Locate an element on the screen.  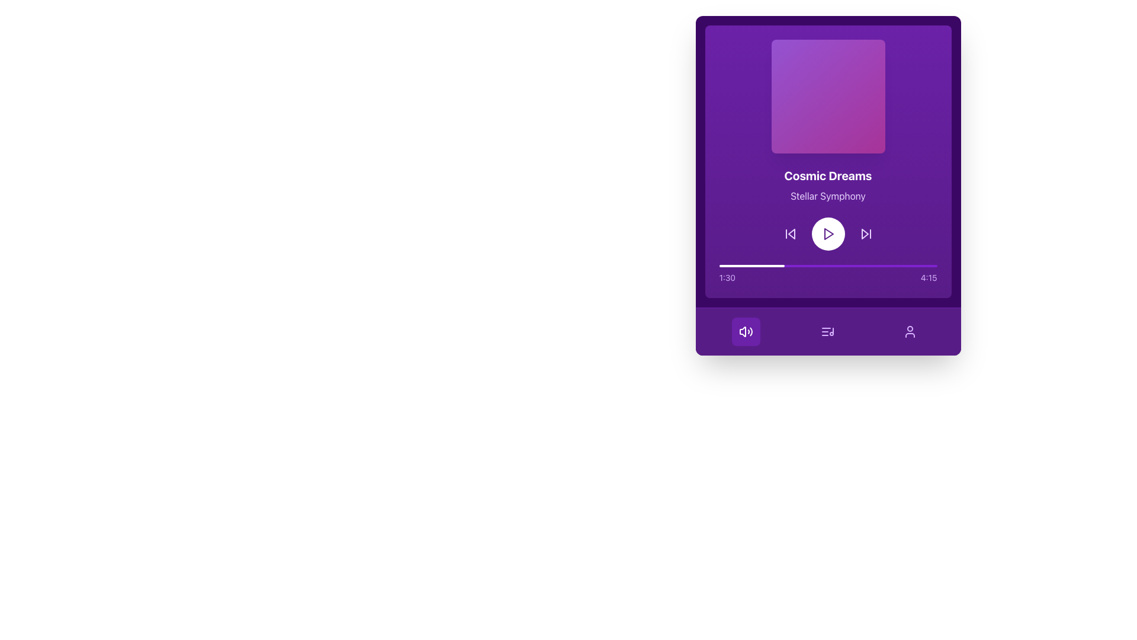
the play button with a triangular symbol pointing to the right, which has a purple border and a white background is located at coordinates (827, 233).